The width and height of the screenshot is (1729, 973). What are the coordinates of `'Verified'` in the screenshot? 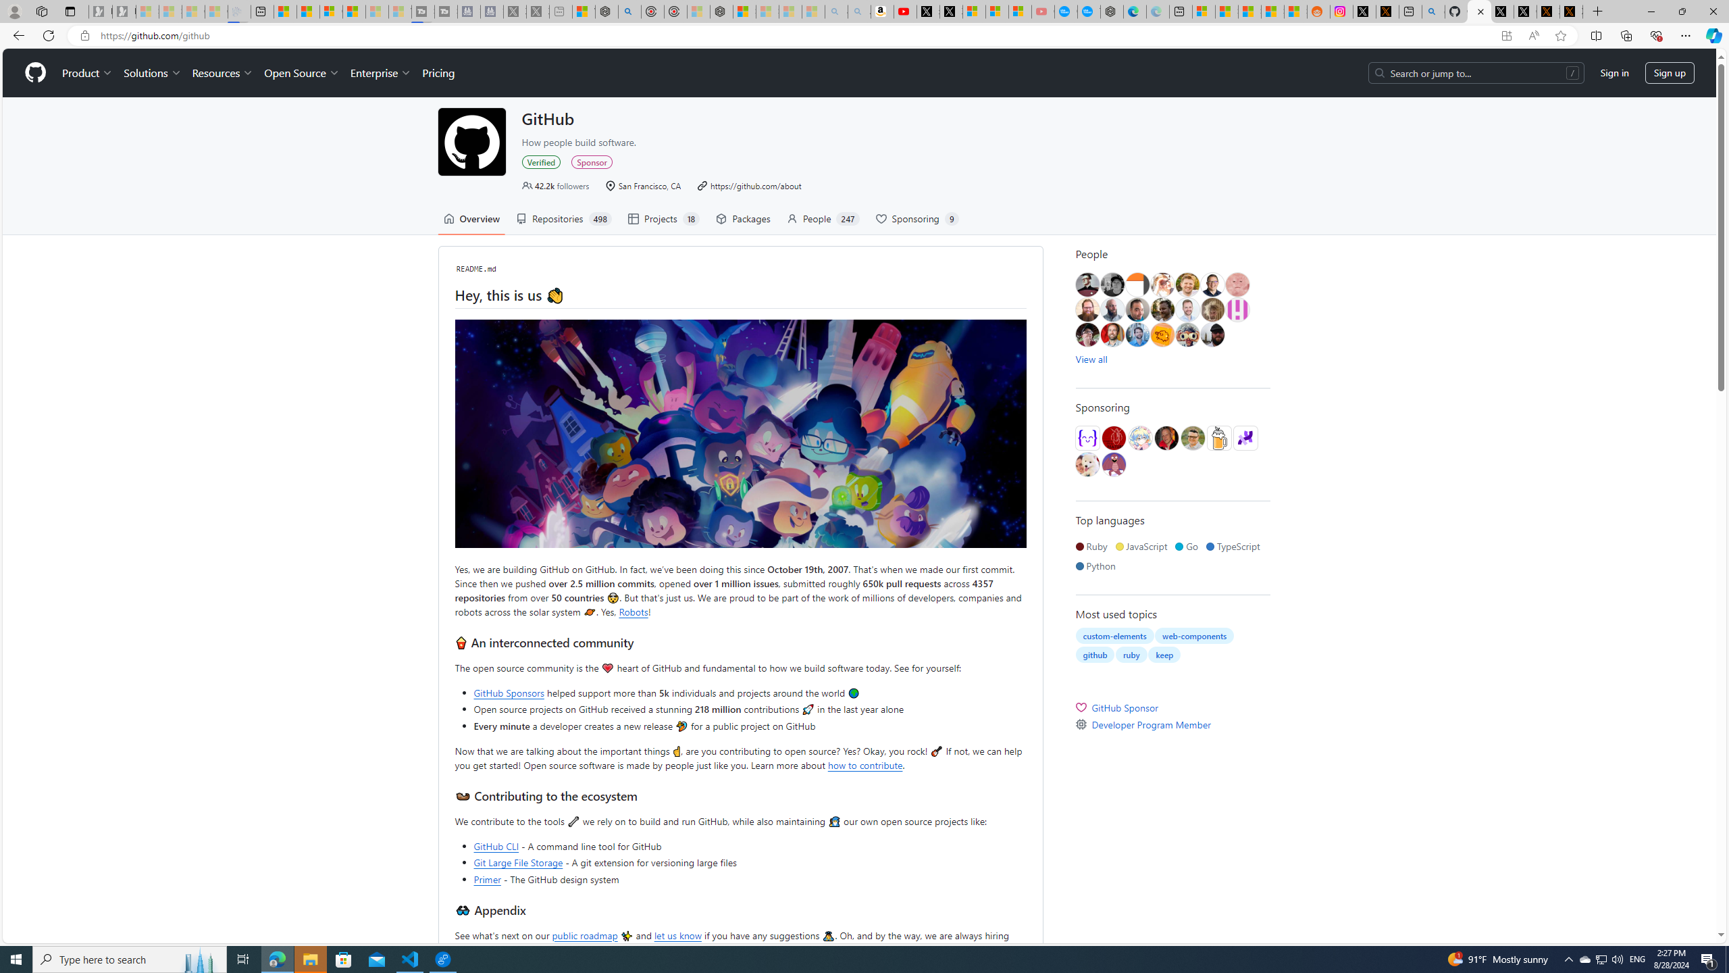 It's located at (542, 161).